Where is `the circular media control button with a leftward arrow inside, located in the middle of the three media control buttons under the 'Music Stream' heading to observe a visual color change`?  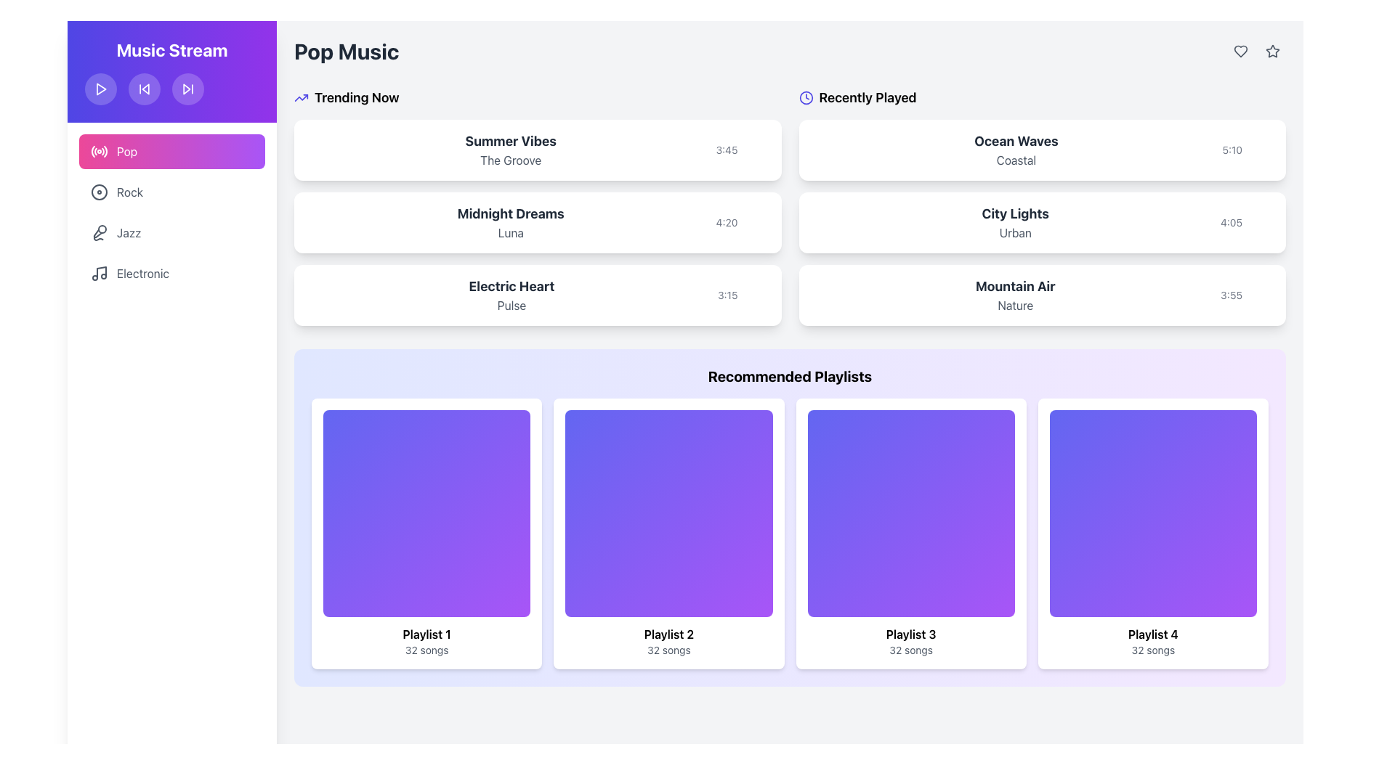
the circular media control button with a leftward arrow inside, located in the middle of the three media control buttons under the 'Music Stream' heading to observe a visual color change is located at coordinates (144, 89).